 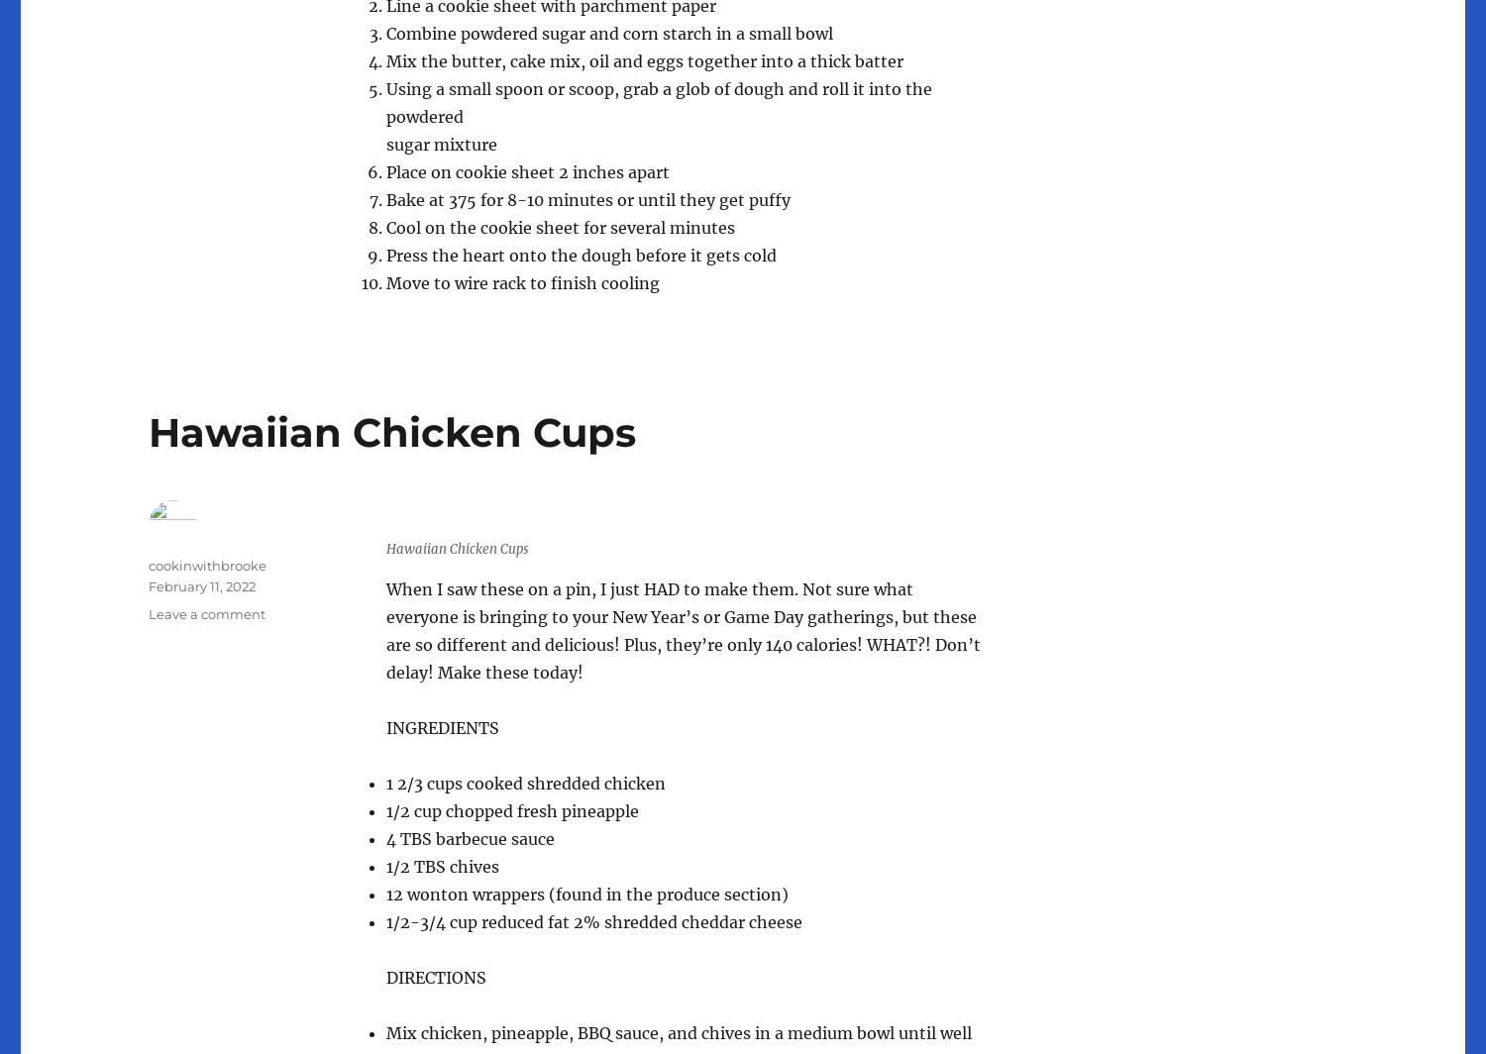 What do you see at coordinates (386, 32) in the screenshot?
I see `'Combine powdered sugar and corn starch in a small bowl'` at bounding box center [386, 32].